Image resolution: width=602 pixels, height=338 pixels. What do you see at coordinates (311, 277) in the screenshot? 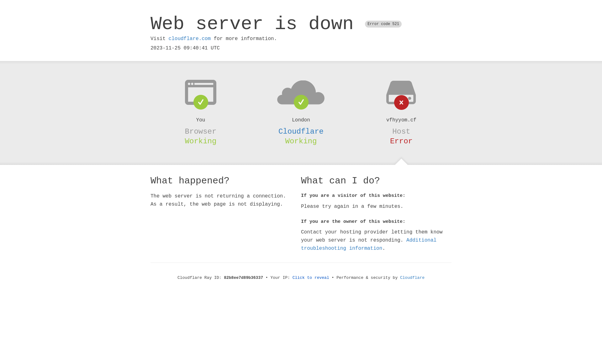
I see `'Click to reveal'` at bounding box center [311, 277].